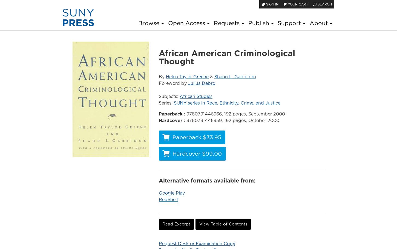  What do you see at coordinates (195, 96) in the screenshot?
I see `'African Studies'` at bounding box center [195, 96].